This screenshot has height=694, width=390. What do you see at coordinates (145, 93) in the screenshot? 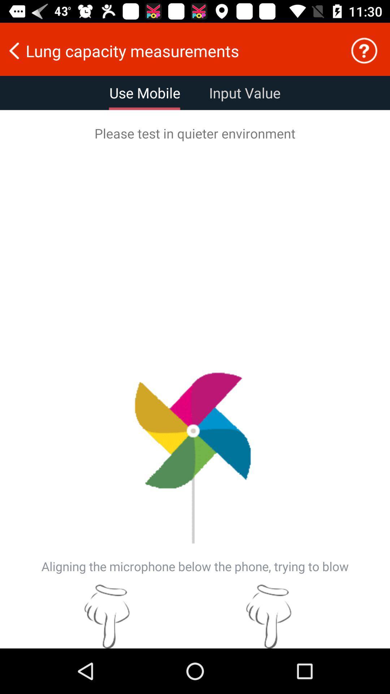
I see `the item next to input value item` at bounding box center [145, 93].